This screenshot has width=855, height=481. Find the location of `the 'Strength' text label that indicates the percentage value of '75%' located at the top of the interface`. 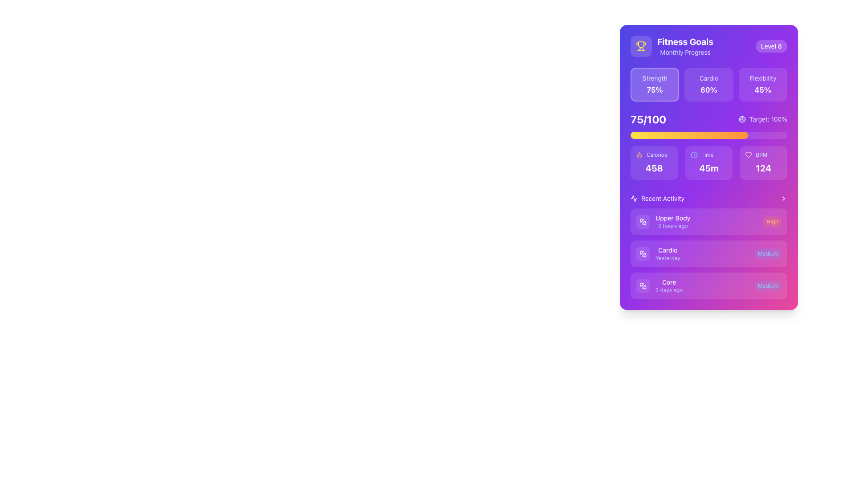

the 'Strength' text label that indicates the percentage value of '75%' located at the top of the interface is located at coordinates (655, 78).